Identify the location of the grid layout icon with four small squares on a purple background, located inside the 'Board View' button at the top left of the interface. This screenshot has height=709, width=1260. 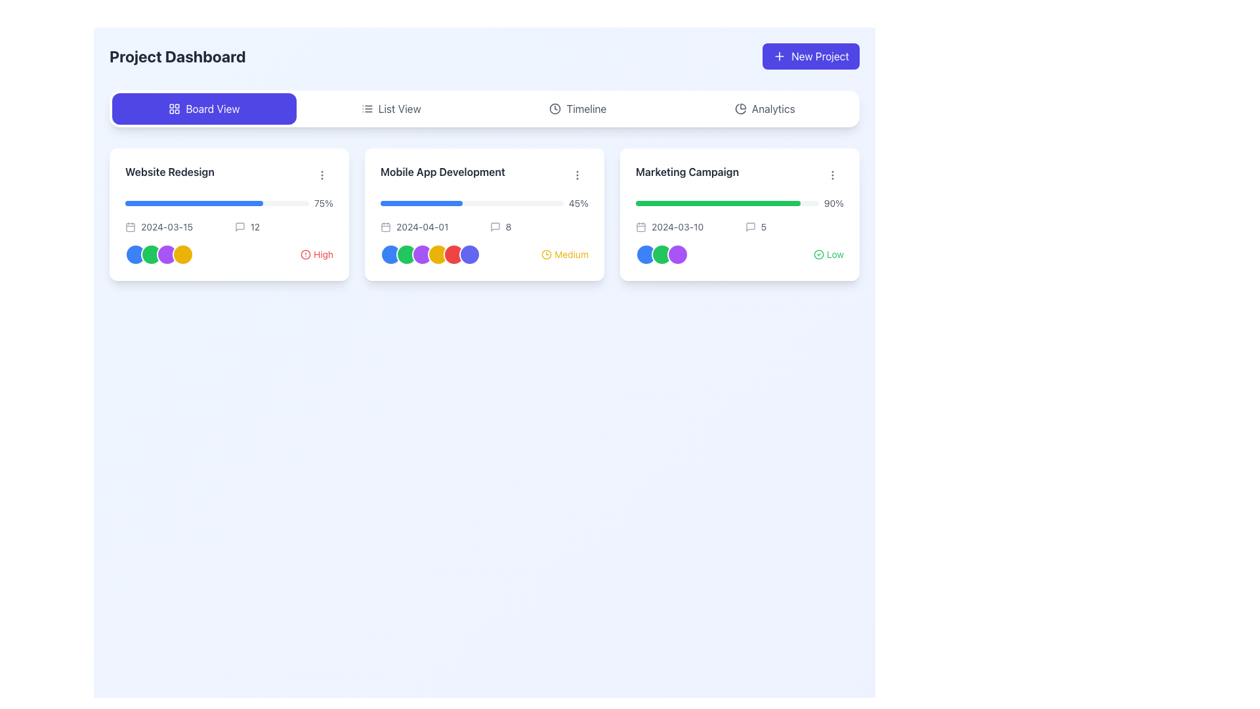
(174, 108).